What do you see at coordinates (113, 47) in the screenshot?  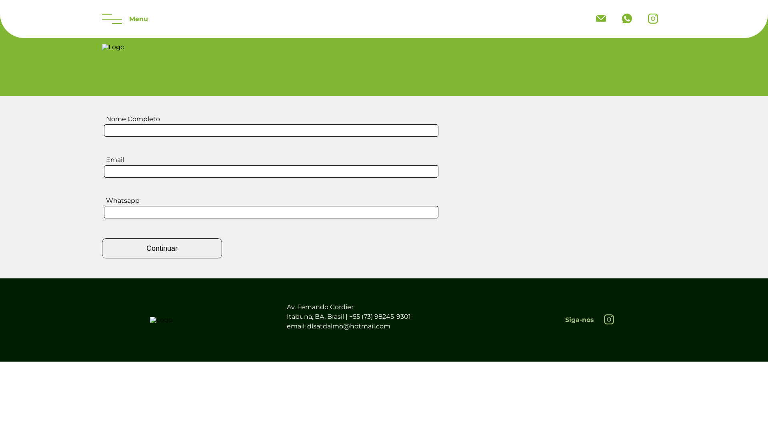 I see `'Ir para home'` at bounding box center [113, 47].